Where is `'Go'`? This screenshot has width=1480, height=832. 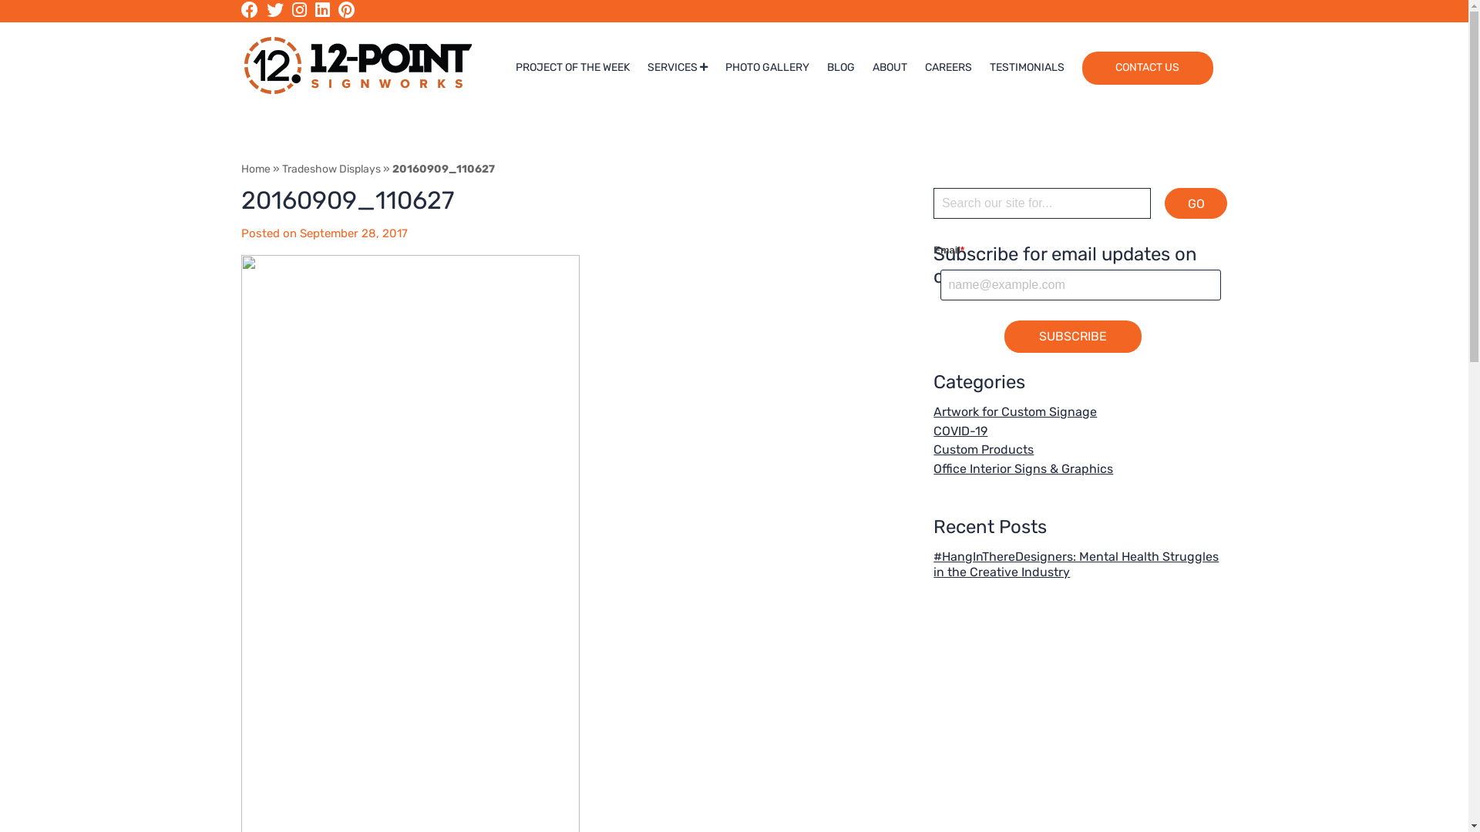
'Go' is located at coordinates (1195, 202).